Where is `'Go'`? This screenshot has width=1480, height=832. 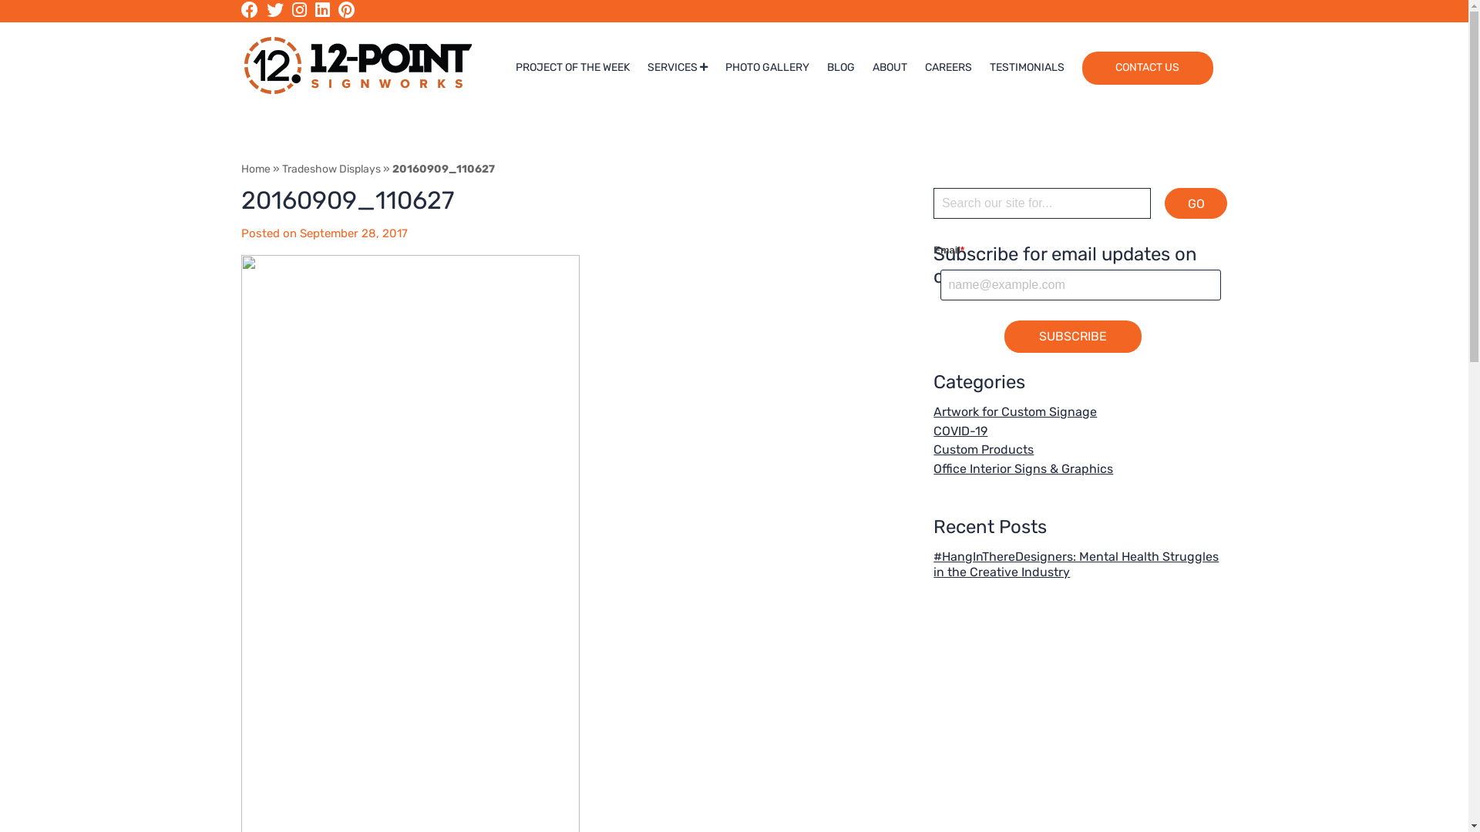
'Go' is located at coordinates (1195, 202).